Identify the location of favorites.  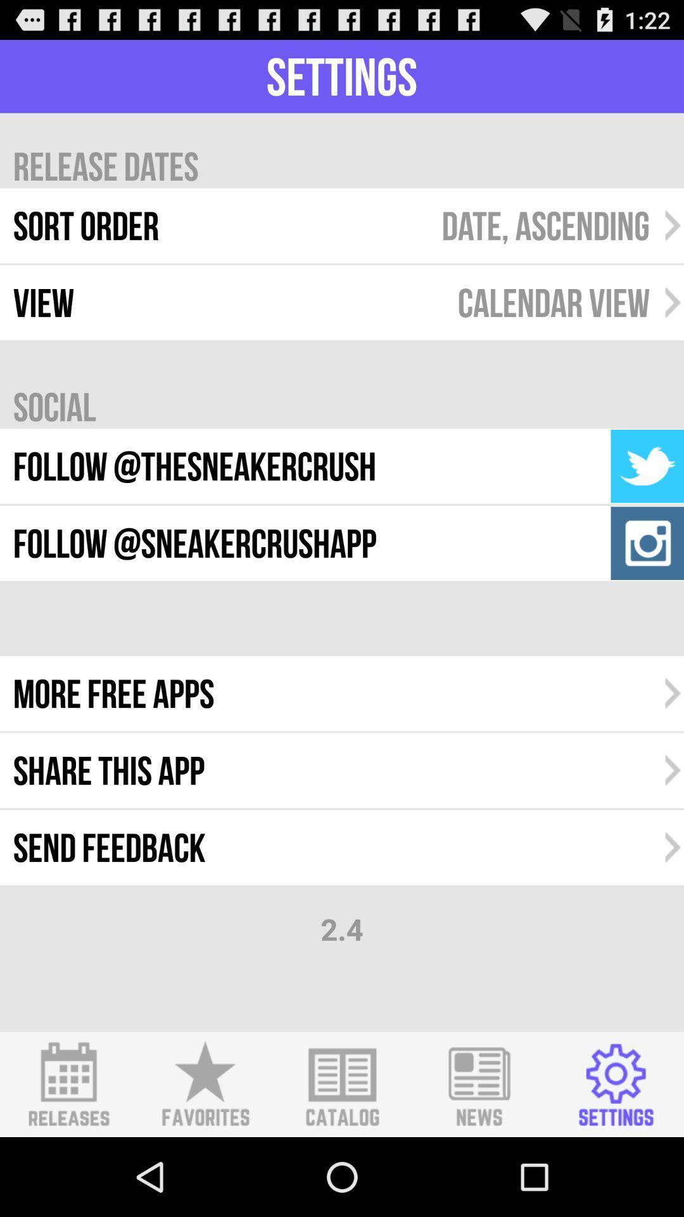
(205, 1084).